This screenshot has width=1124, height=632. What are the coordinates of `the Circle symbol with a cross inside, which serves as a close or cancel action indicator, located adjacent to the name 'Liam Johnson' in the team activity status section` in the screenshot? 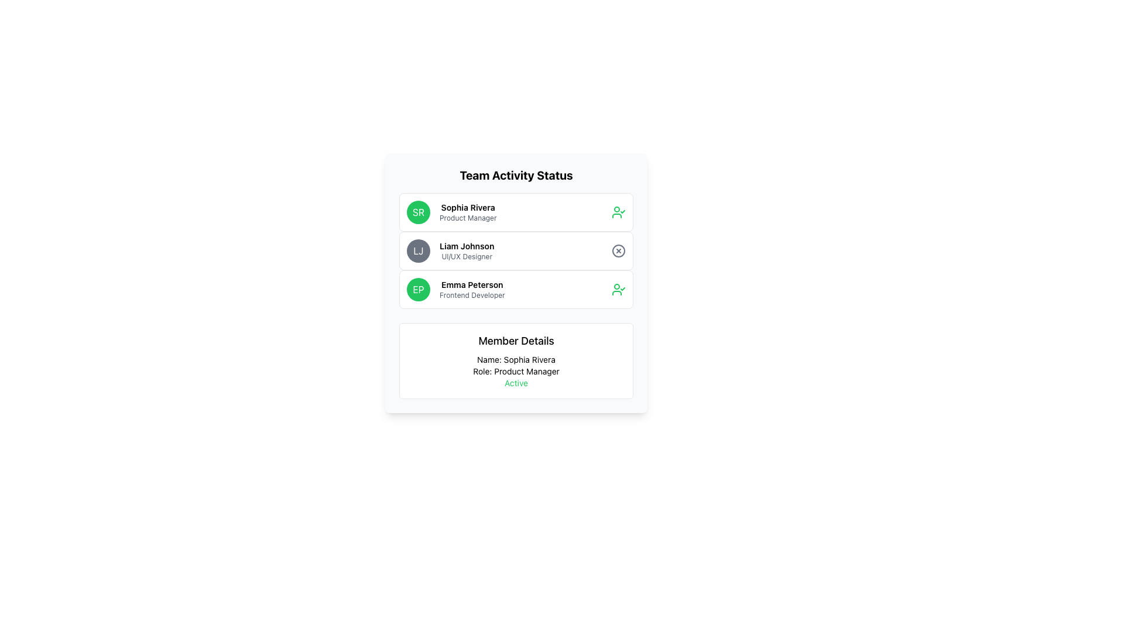 It's located at (618, 250).